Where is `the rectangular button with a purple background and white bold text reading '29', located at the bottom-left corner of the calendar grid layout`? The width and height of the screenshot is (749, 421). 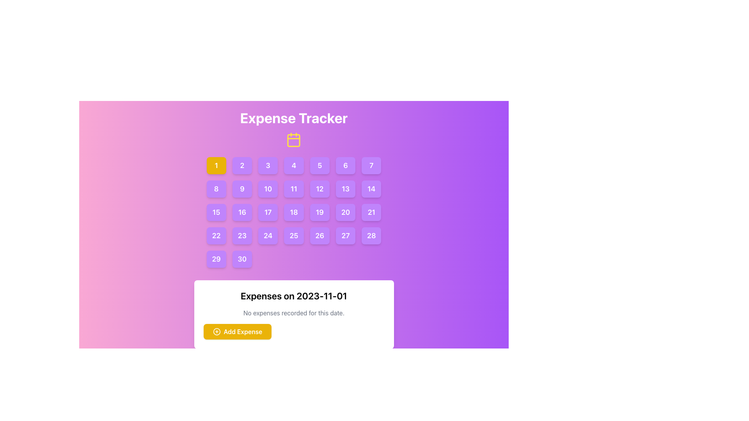 the rectangular button with a purple background and white bold text reading '29', located at the bottom-left corner of the calendar grid layout is located at coordinates (216, 259).